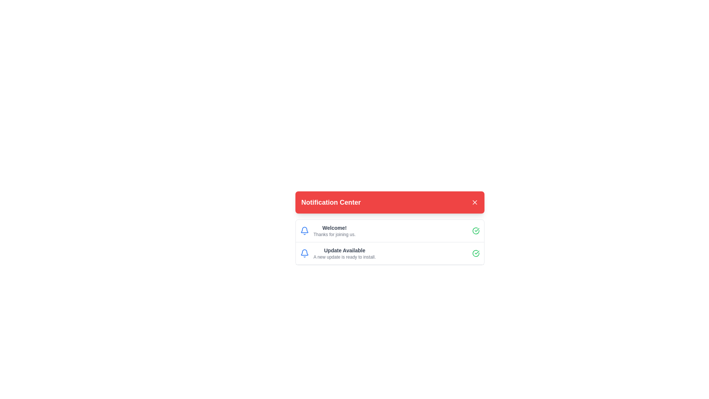  I want to click on the close button located in the upper-right section of the red notification bar, so click(475, 202).